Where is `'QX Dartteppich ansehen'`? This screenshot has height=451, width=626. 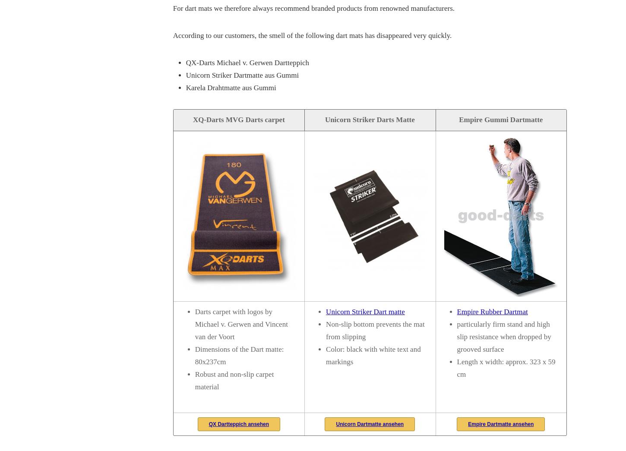
'QX Dartteppich ansehen' is located at coordinates (208, 423).